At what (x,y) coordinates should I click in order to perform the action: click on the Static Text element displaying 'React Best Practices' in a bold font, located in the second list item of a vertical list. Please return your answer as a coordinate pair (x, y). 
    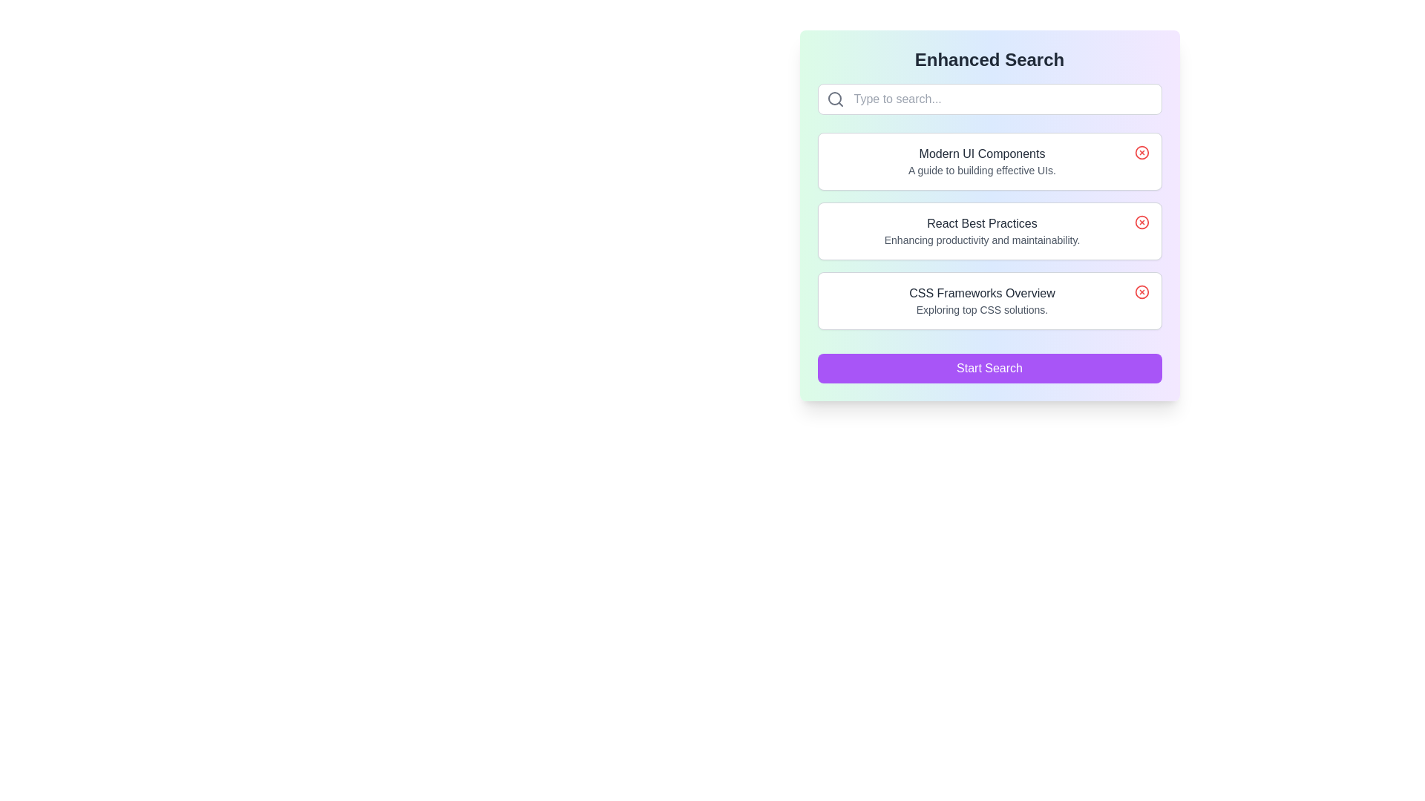
    Looking at the image, I should click on (982, 223).